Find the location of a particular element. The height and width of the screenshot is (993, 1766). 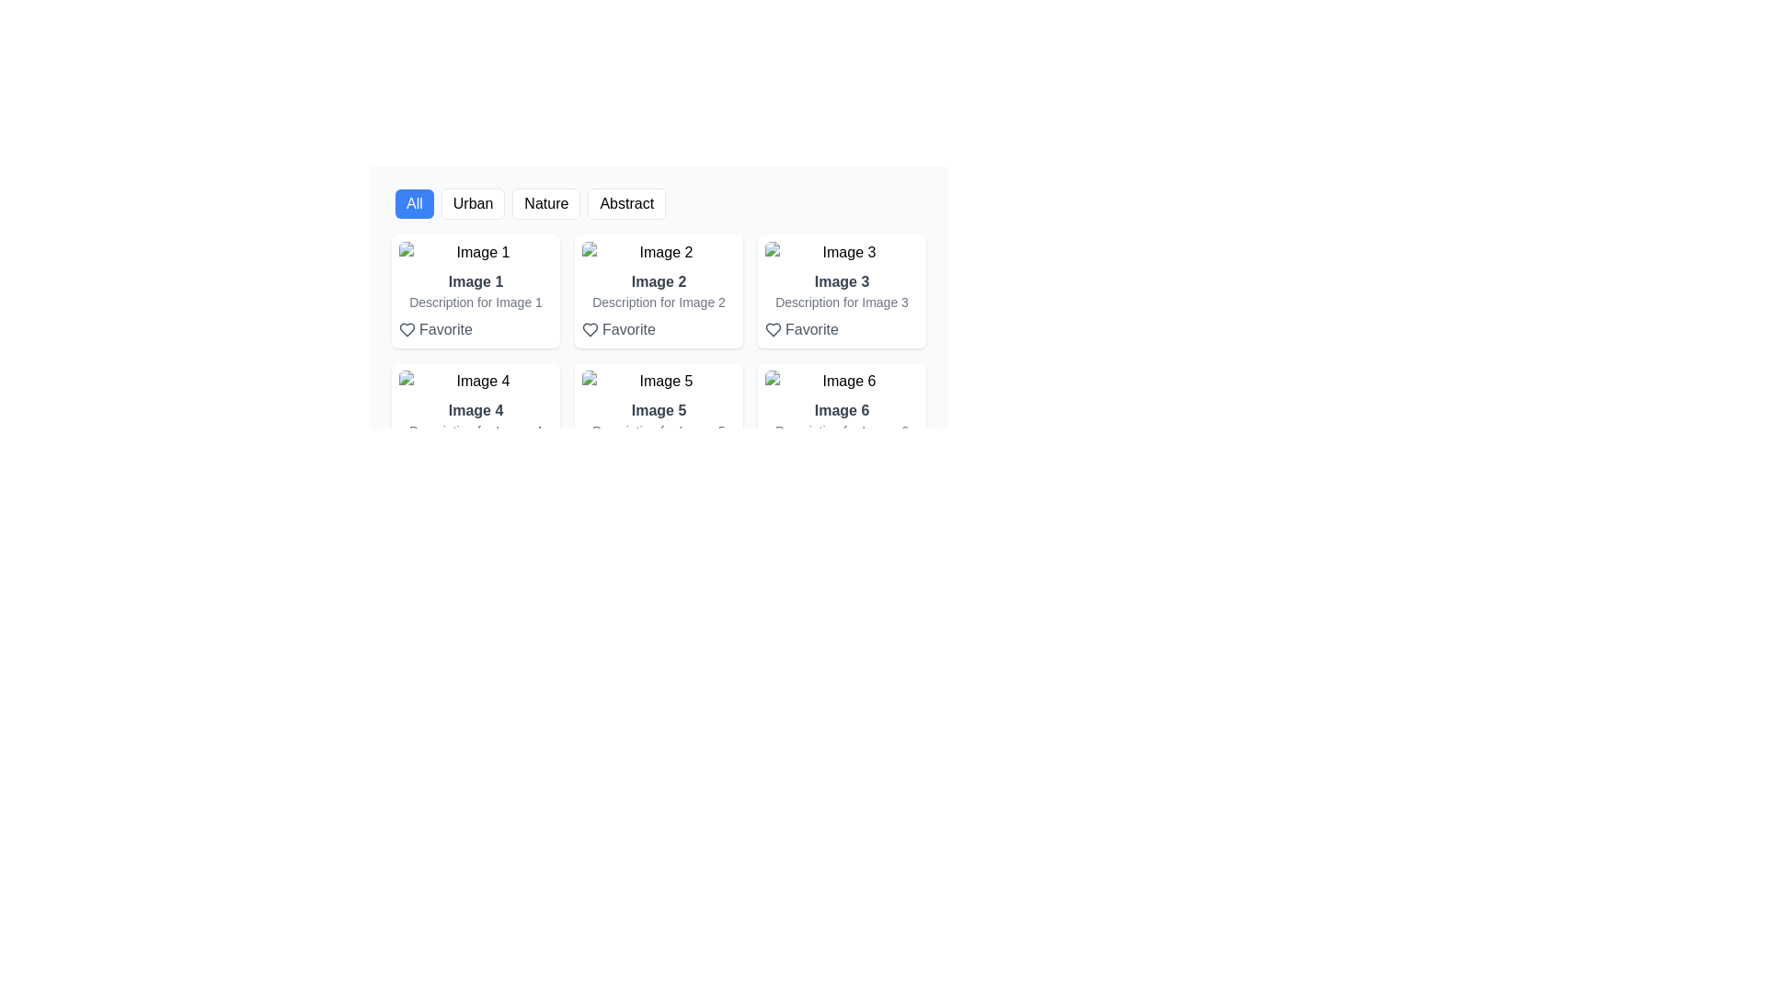

the card representing 'Image 3' for reordering within the gallery layout is located at coordinates (841, 304).